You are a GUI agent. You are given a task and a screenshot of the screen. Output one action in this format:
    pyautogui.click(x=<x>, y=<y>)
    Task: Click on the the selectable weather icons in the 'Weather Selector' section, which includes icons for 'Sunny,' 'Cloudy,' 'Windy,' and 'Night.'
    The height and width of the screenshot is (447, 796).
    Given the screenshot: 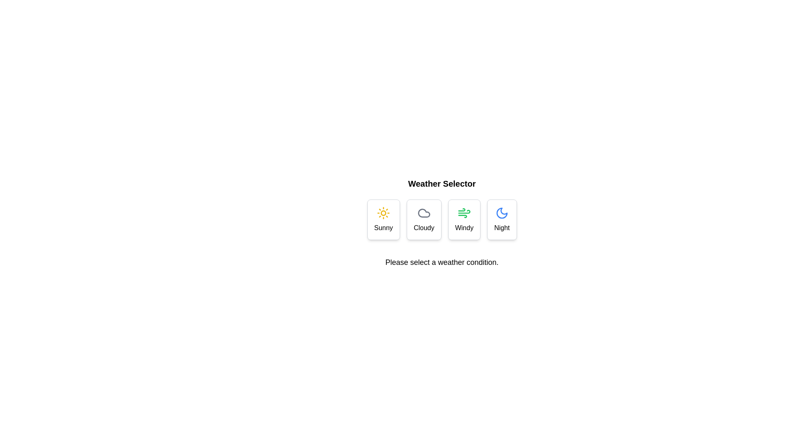 What is the action you would take?
    pyautogui.click(x=441, y=223)
    